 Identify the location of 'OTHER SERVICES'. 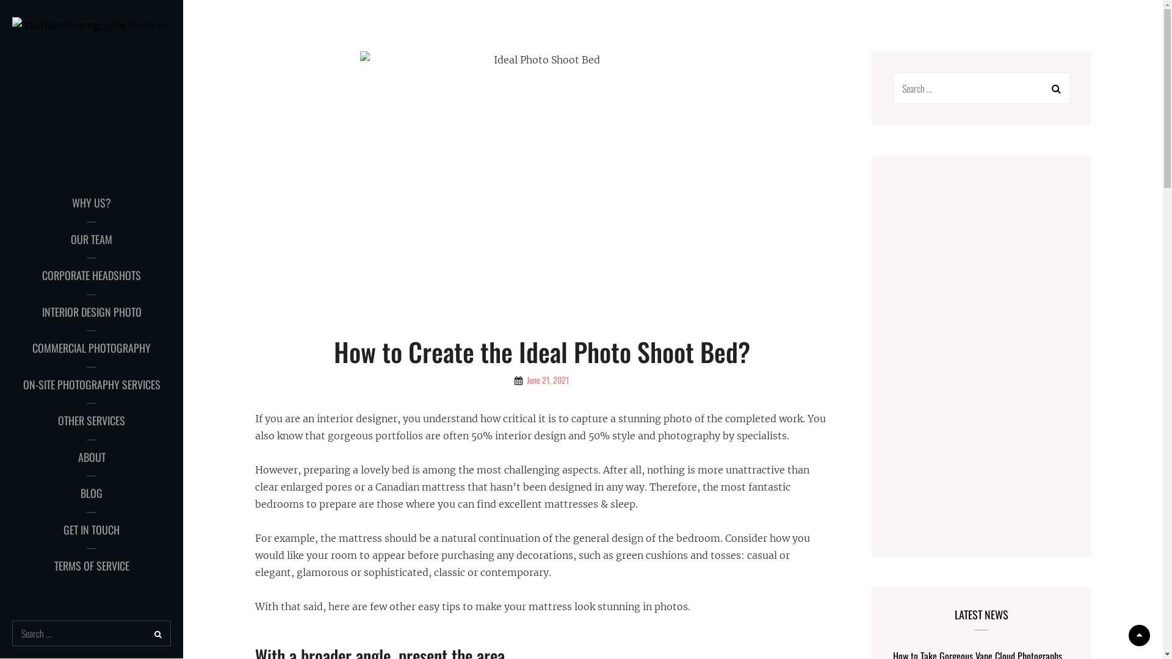
(90, 420).